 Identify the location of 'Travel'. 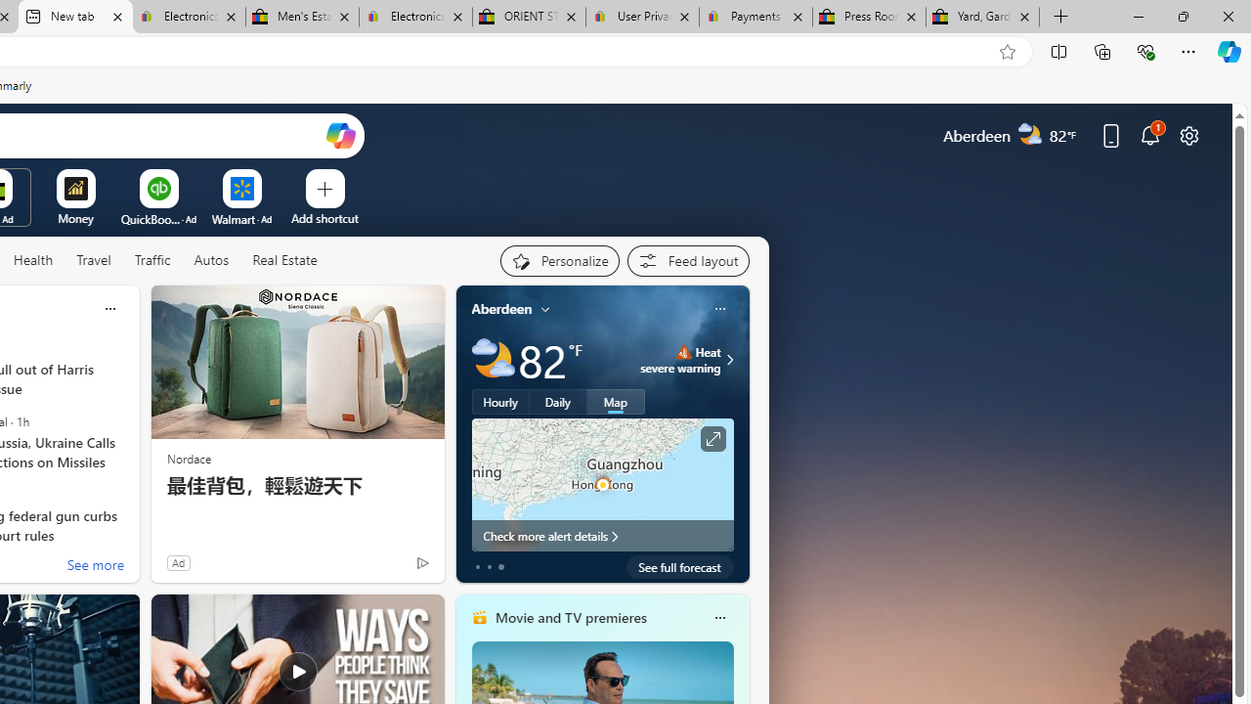
(93, 260).